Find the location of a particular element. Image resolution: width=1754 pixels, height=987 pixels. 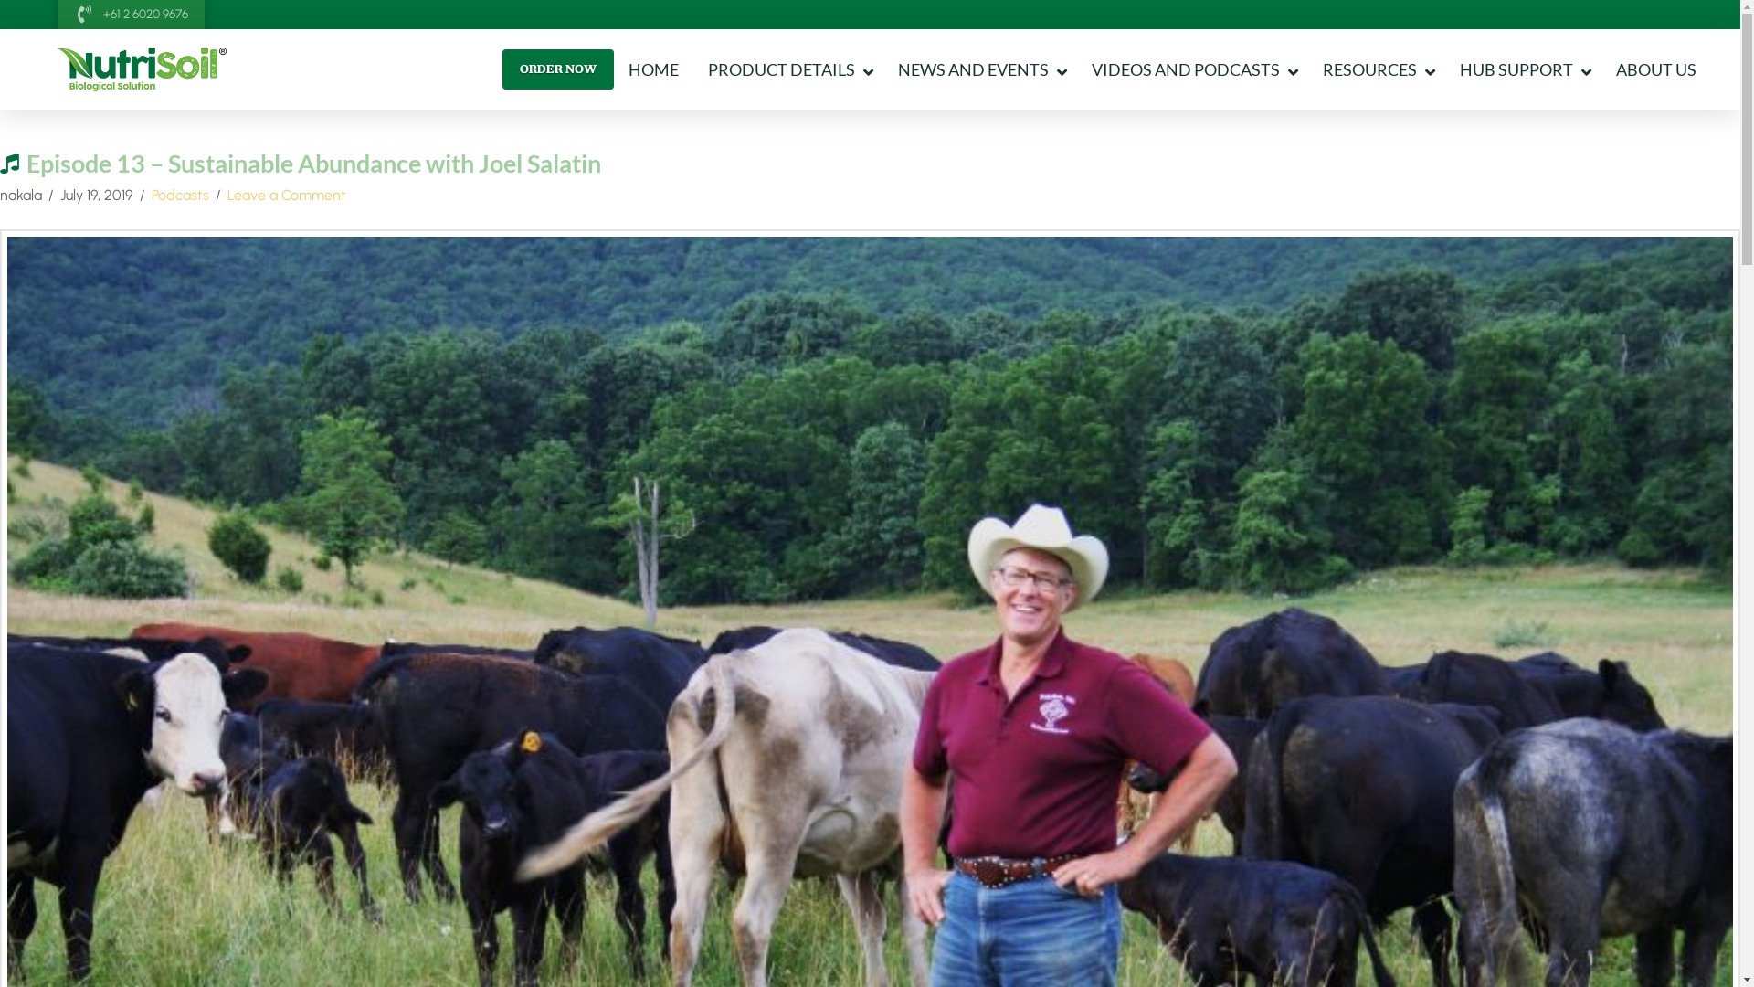

'ORDER NOW' is located at coordinates (556, 69).